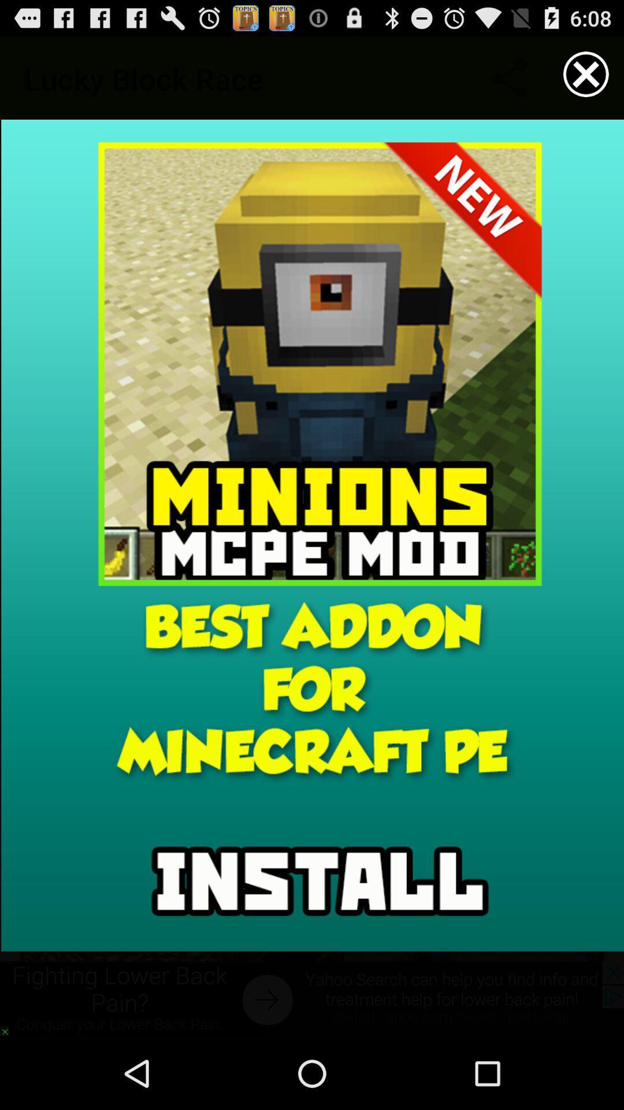 The width and height of the screenshot is (624, 1110). What do you see at coordinates (586, 79) in the screenshot?
I see `the close icon` at bounding box center [586, 79].